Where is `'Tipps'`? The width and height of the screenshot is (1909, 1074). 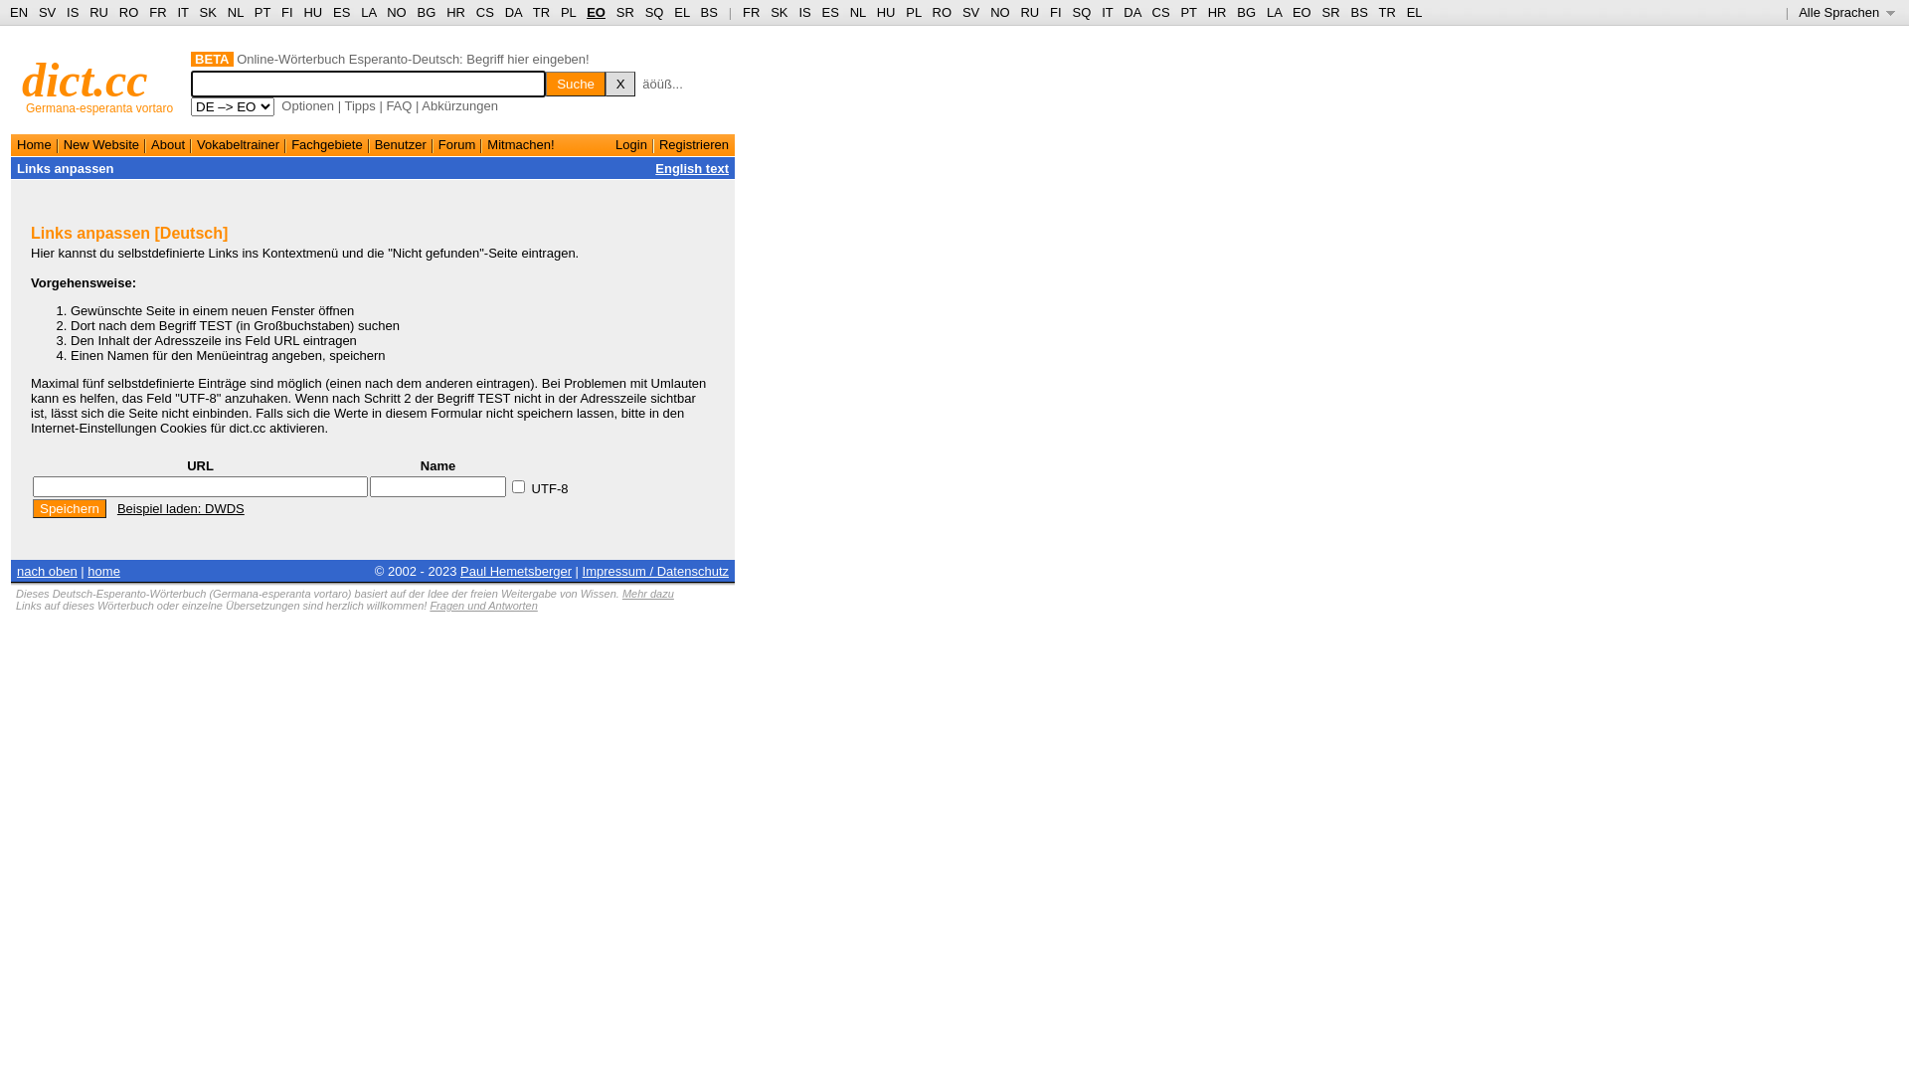
'Tipps' is located at coordinates (359, 105).